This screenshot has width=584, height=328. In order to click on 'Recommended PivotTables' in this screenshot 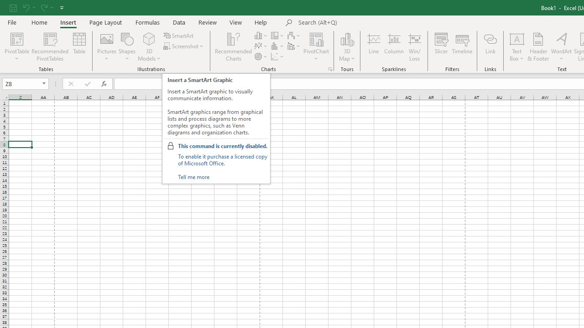, I will do `click(50, 47)`.